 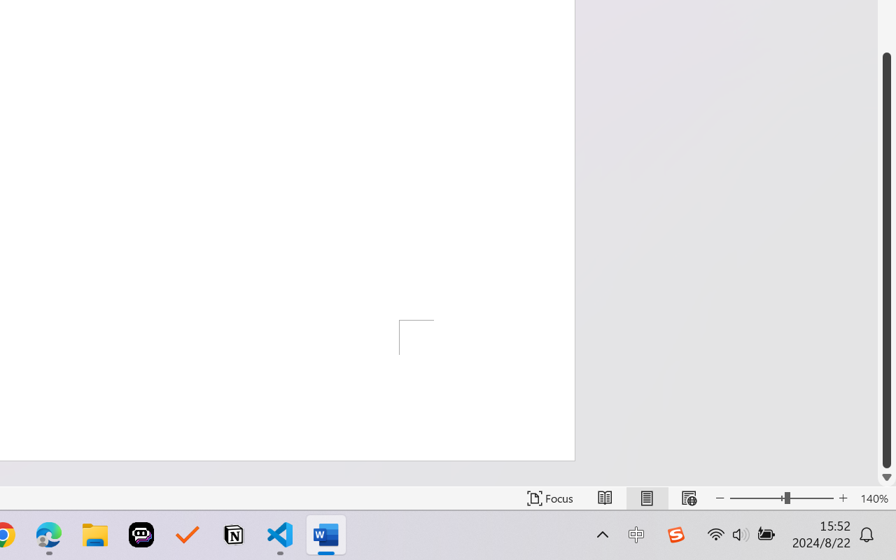 What do you see at coordinates (756, 498) in the screenshot?
I see `'Zoom Out'` at bounding box center [756, 498].